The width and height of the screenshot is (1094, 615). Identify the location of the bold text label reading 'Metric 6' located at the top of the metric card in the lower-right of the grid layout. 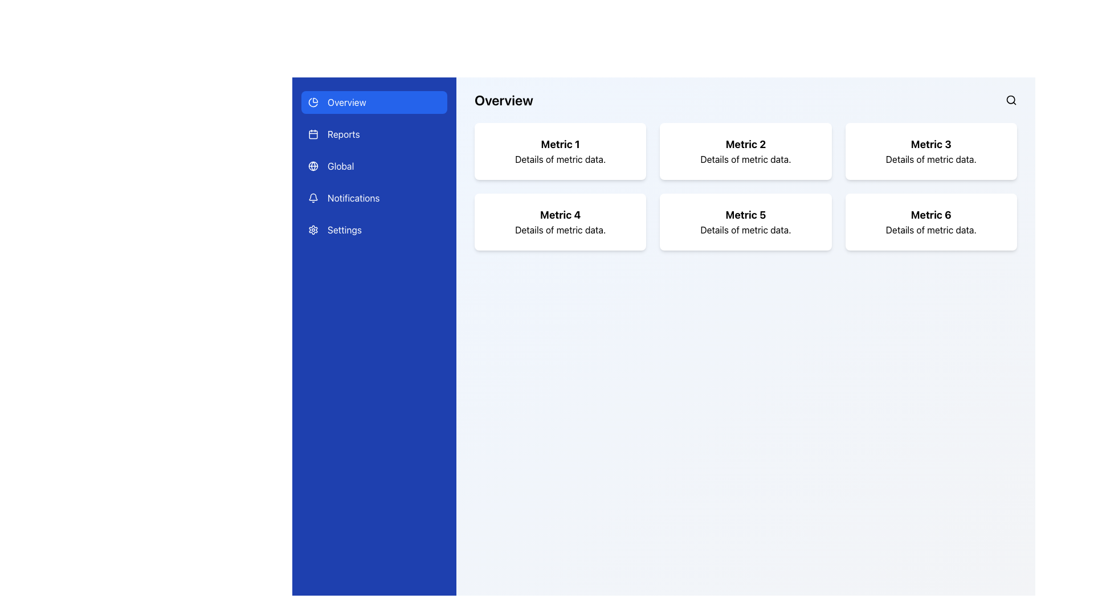
(931, 215).